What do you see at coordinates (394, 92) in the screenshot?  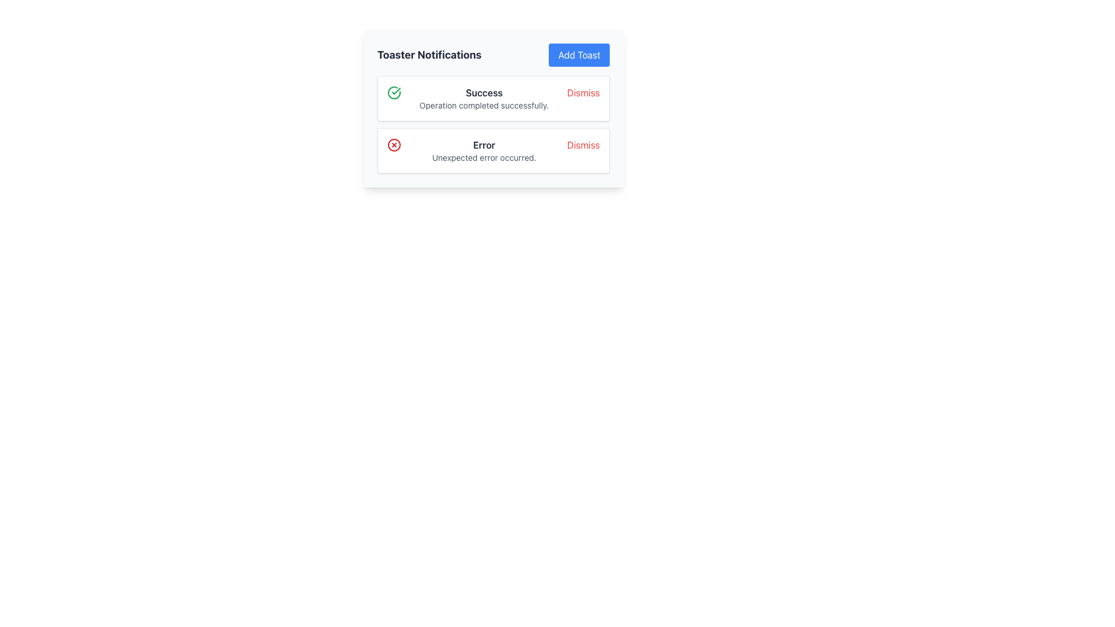 I see `the green circular icon with a checkmark inside, which indicates success, located on the left side of the first notification card in the toaster notifications section` at bounding box center [394, 92].